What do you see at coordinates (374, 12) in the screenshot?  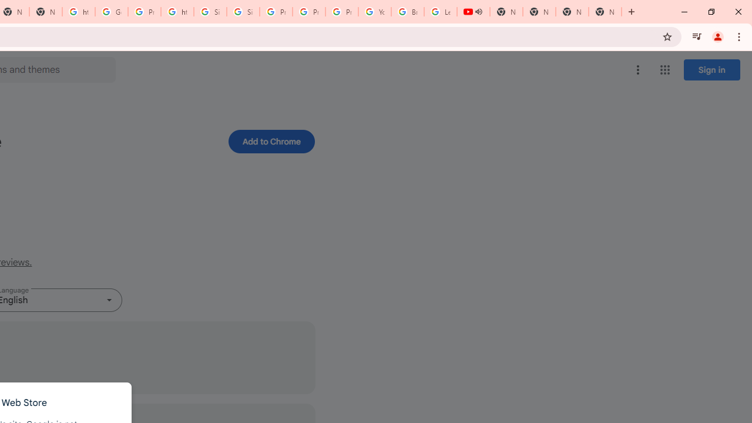 I see `'YouTube'` at bounding box center [374, 12].